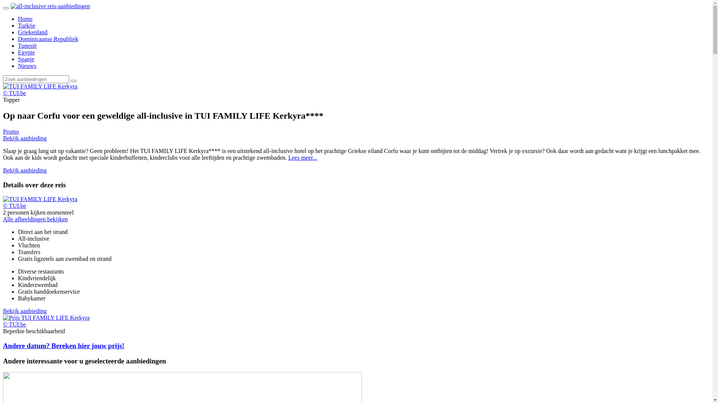 The width and height of the screenshot is (718, 403). Describe the element at coordinates (25, 170) in the screenshot. I see `'Bekijk aanbieding'` at that location.